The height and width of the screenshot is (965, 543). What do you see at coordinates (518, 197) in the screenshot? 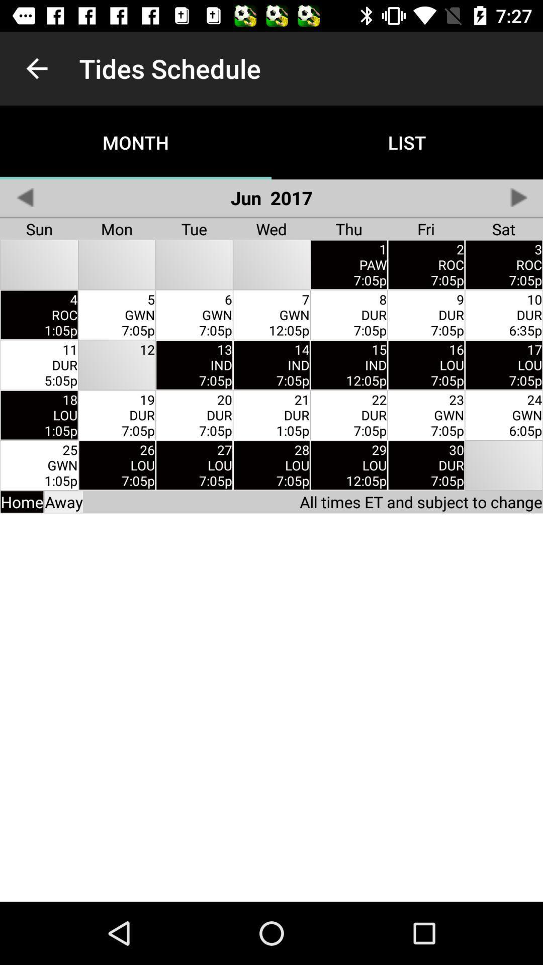
I see `item to the right of list app` at bounding box center [518, 197].